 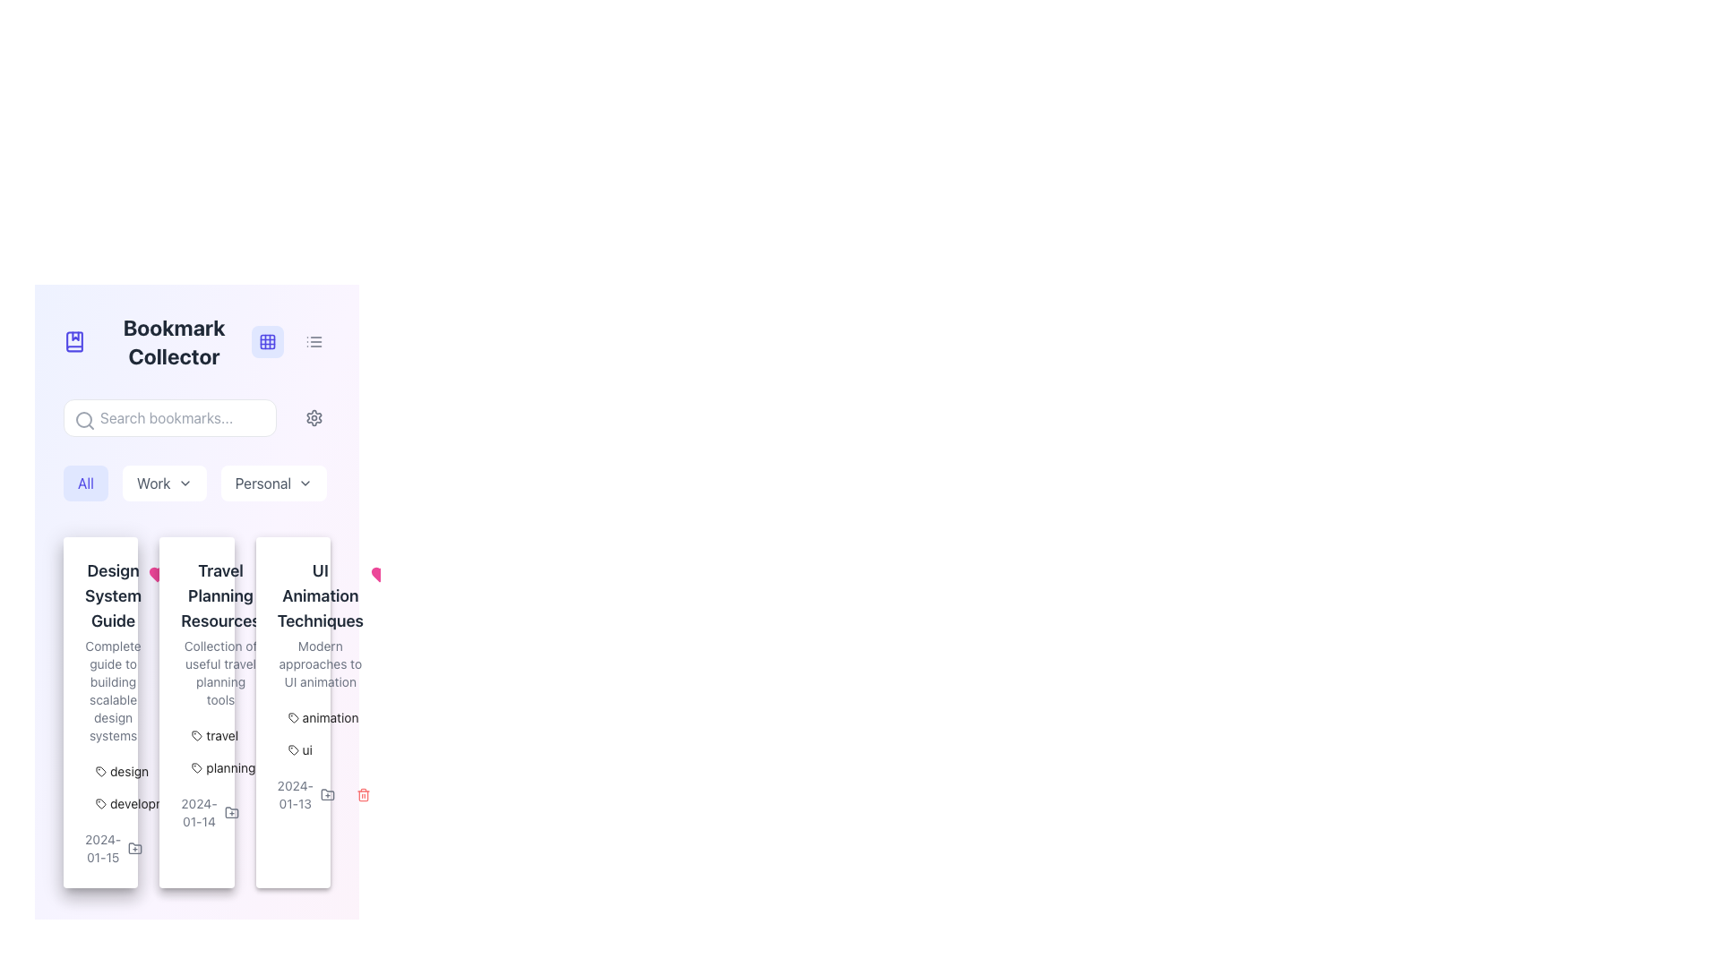 I want to click on the central icon in the 3x3 grid located to the right of the 'Bookmark Collector' header, so click(x=266, y=341).